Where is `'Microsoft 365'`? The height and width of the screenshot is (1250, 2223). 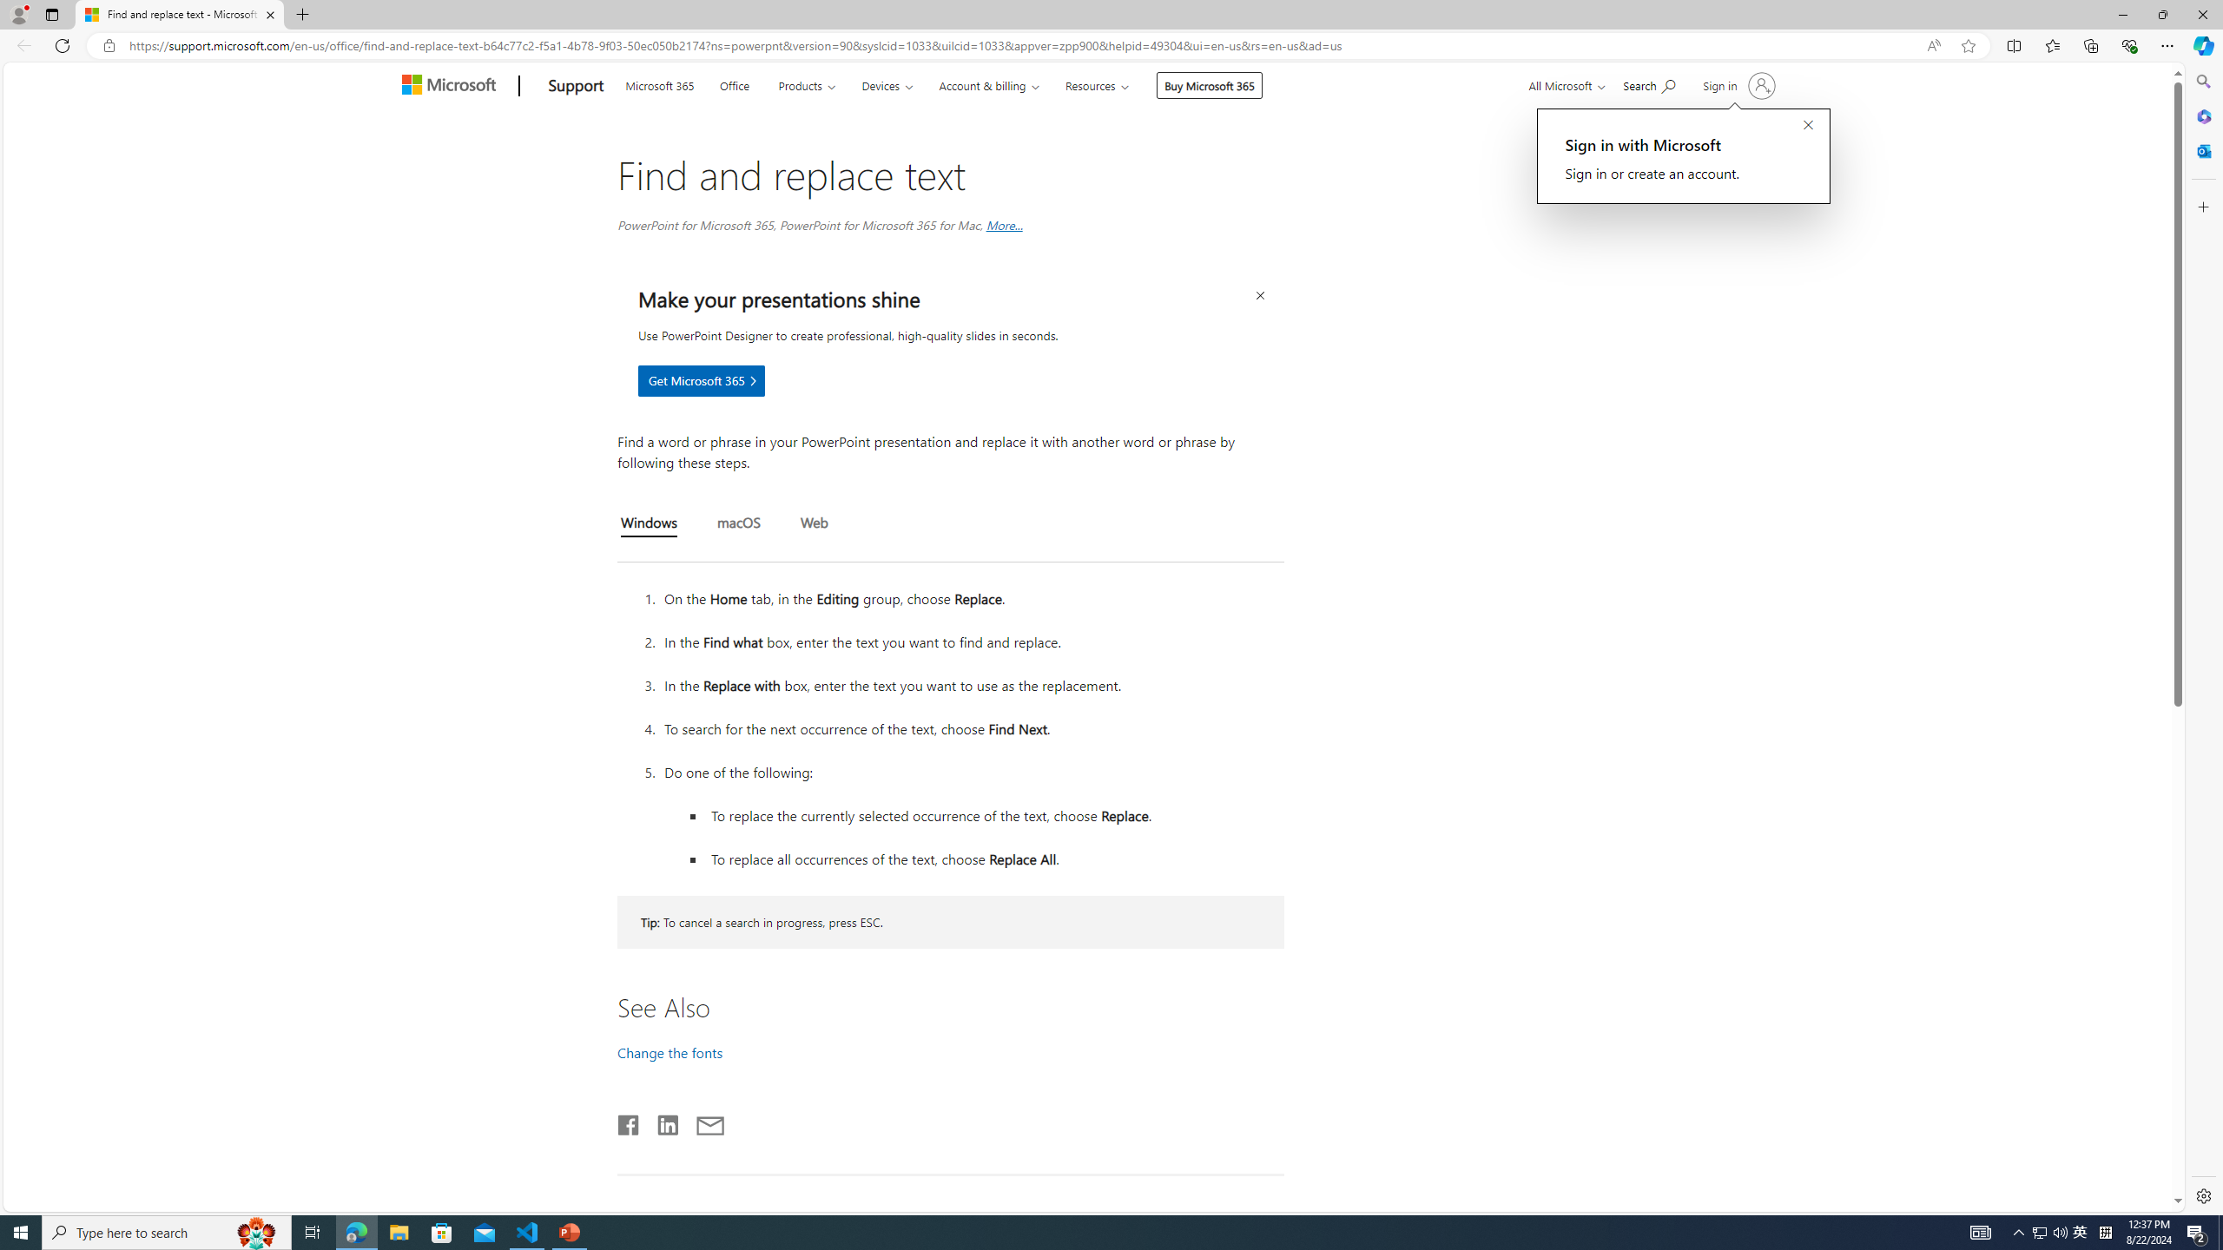
'Microsoft 365' is located at coordinates (659, 83).